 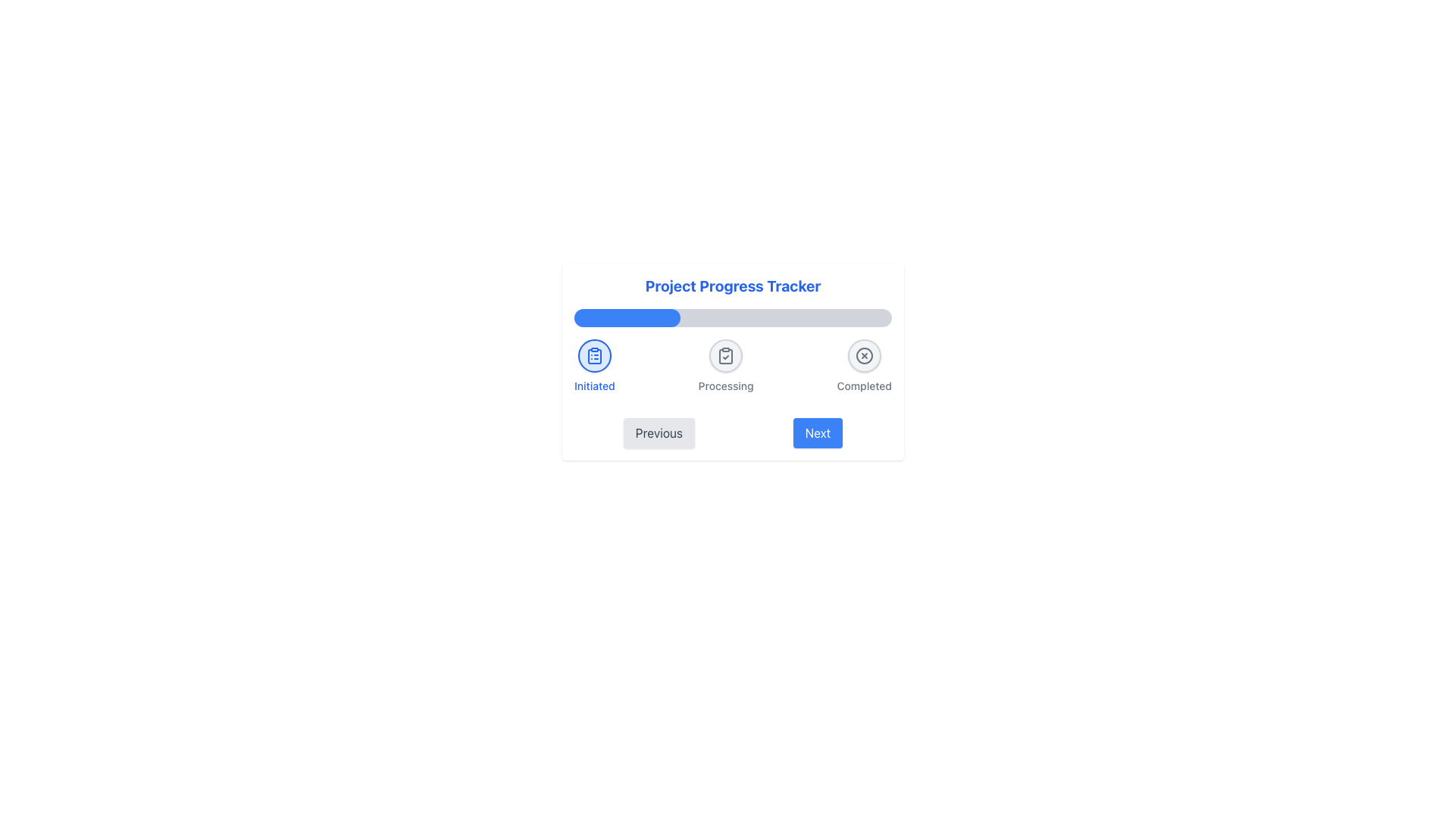 I want to click on the leftmost Status indicator with an icon and a label in the progress tracker UI section, which indicates that the process has commenced, so click(x=593, y=366).